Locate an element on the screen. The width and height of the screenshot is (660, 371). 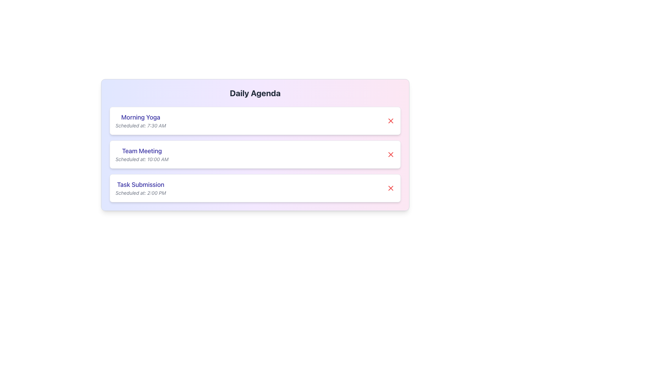
the text label displaying 'Task Submission' in the third card of the agenda items list is located at coordinates (140, 184).